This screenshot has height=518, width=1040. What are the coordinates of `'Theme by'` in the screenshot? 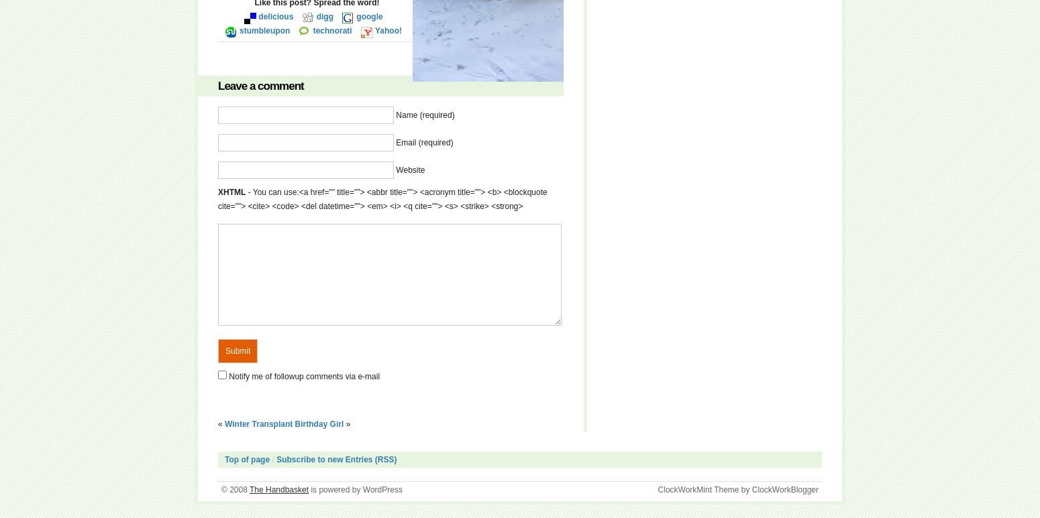 It's located at (731, 490).